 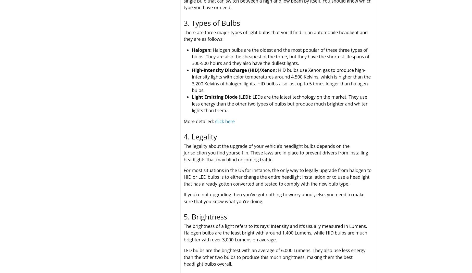 I want to click on 'click here', so click(x=225, y=121).